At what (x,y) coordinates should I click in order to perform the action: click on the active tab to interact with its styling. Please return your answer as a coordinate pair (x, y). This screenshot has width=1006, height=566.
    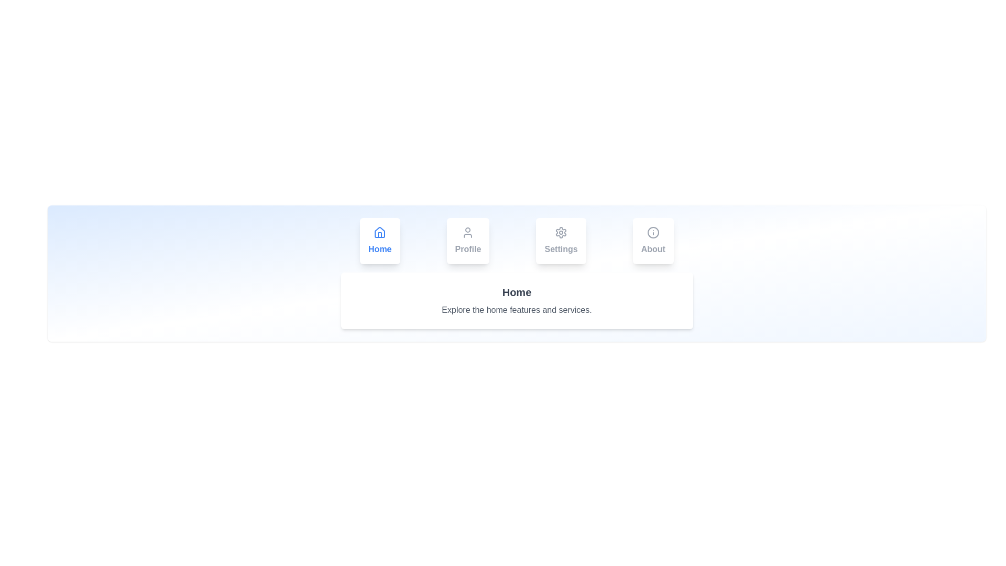
    Looking at the image, I should click on (379, 241).